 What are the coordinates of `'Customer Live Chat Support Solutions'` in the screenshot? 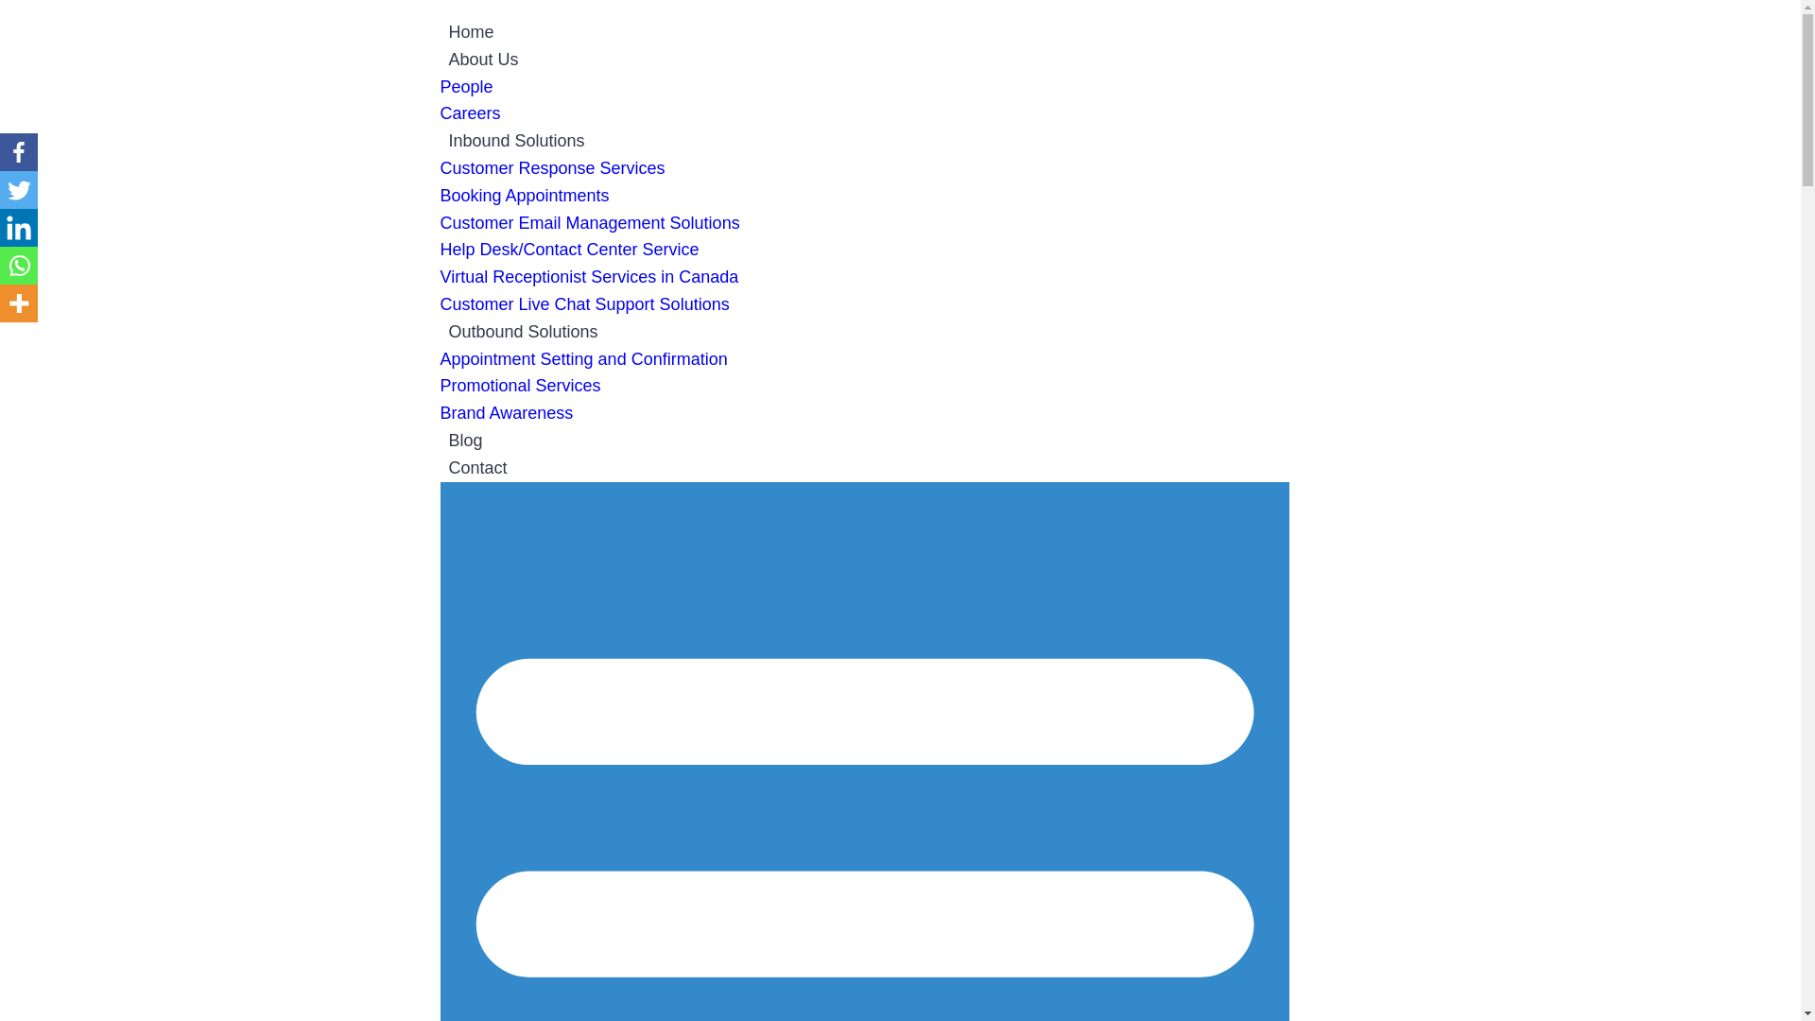 It's located at (584, 303).